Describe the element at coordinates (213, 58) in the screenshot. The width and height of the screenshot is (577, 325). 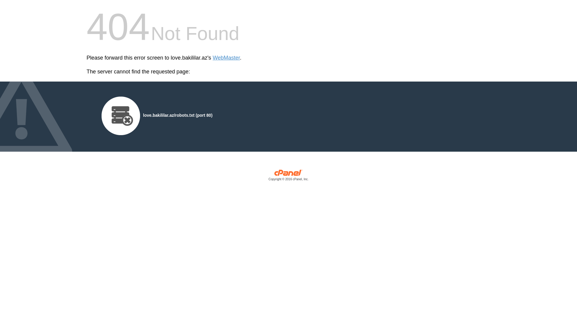
I see `'WebMaster'` at that location.